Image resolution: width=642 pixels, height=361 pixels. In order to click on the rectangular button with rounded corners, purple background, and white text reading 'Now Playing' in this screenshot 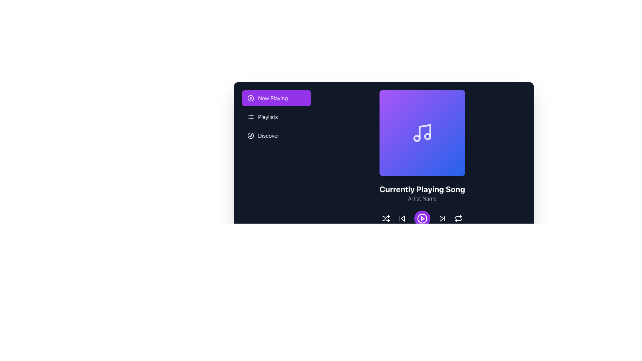, I will do `click(276, 98)`.